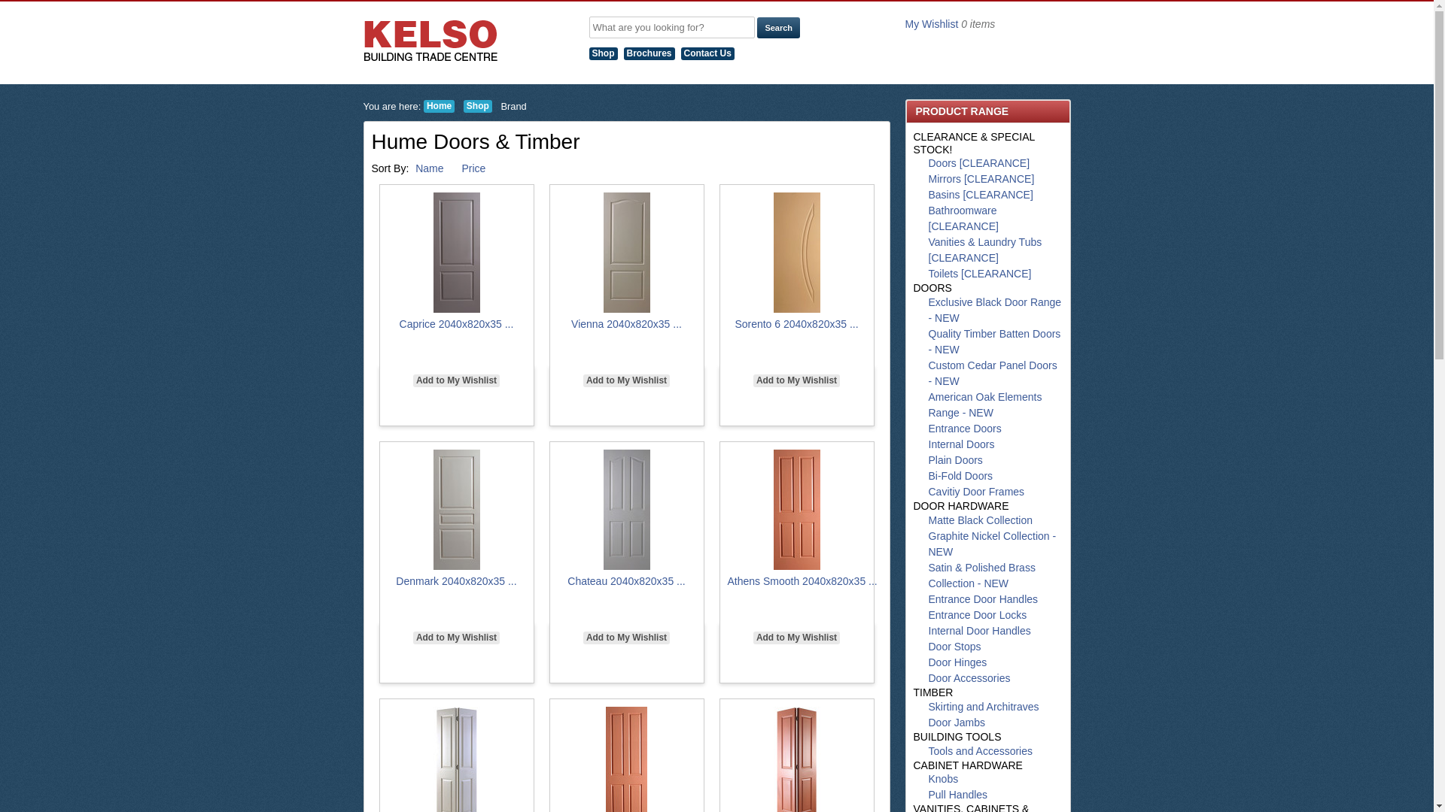 This screenshot has height=812, width=1445. Describe the element at coordinates (795, 323) in the screenshot. I see `'Sorento 6 2040x820x35 ...'` at that location.